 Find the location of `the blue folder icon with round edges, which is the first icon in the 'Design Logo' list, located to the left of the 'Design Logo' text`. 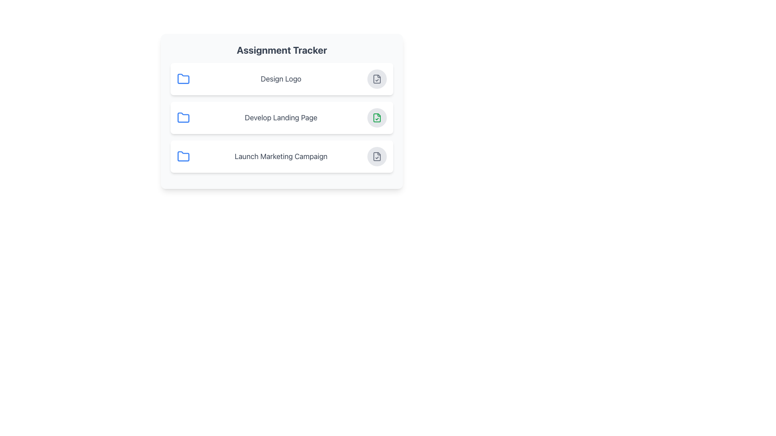

the blue folder icon with round edges, which is the first icon in the 'Design Logo' list, located to the left of the 'Design Logo' text is located at coordinates (183, 79).